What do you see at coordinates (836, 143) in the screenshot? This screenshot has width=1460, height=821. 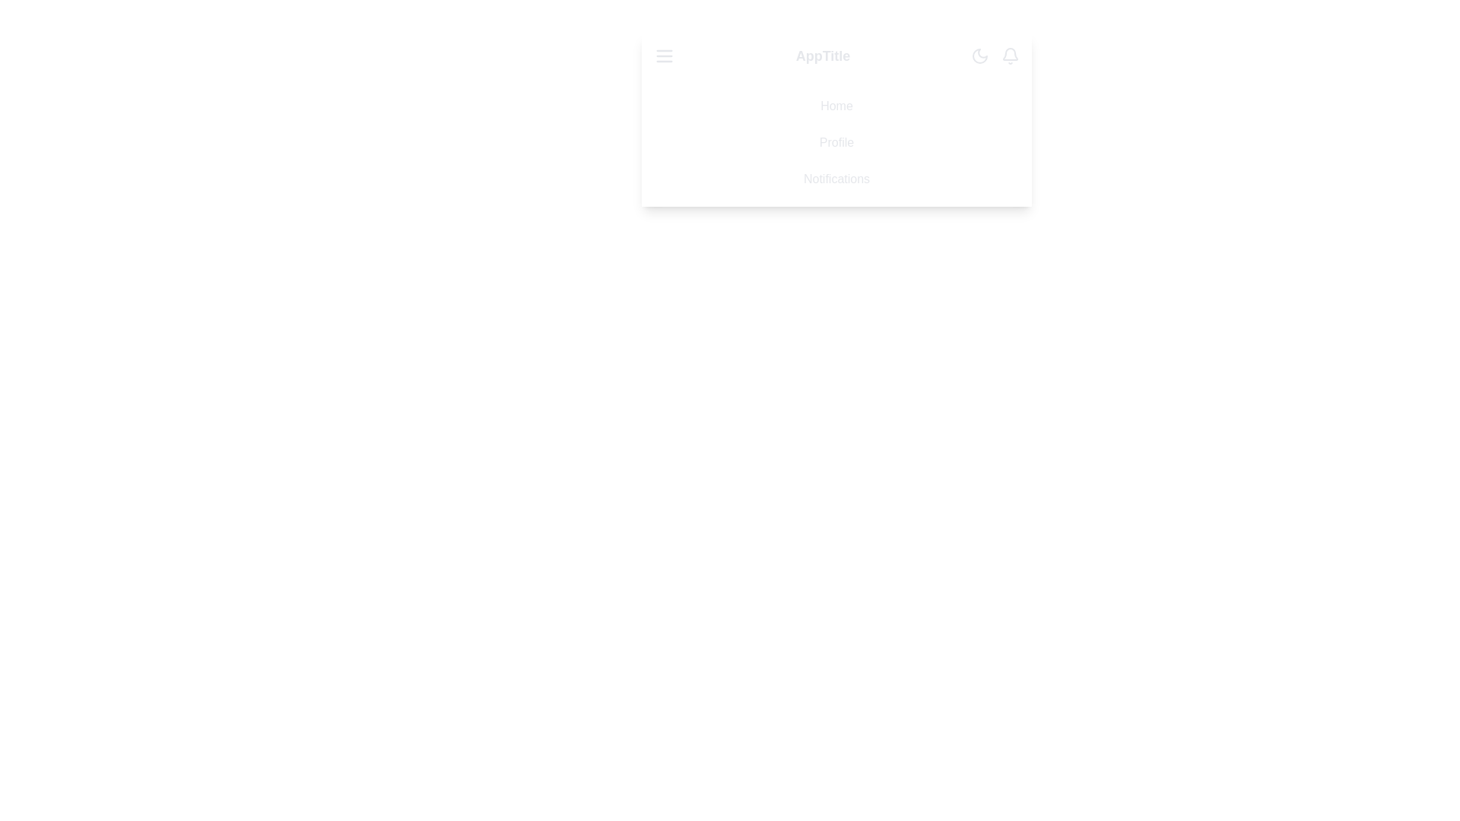 I see `the menu item Profile from the list` at bounding box center [836, 143].